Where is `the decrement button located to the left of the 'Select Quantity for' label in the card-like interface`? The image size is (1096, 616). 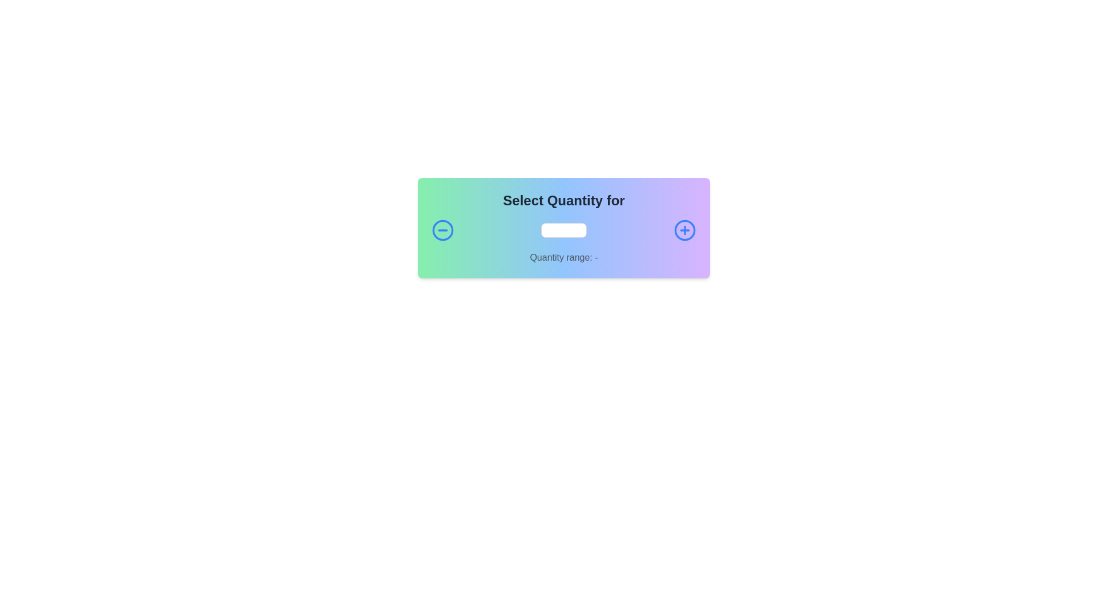
the decrement button located to the left of the 'Select Quantity for' label in the card-like interface is located at coordinates (442, 230).